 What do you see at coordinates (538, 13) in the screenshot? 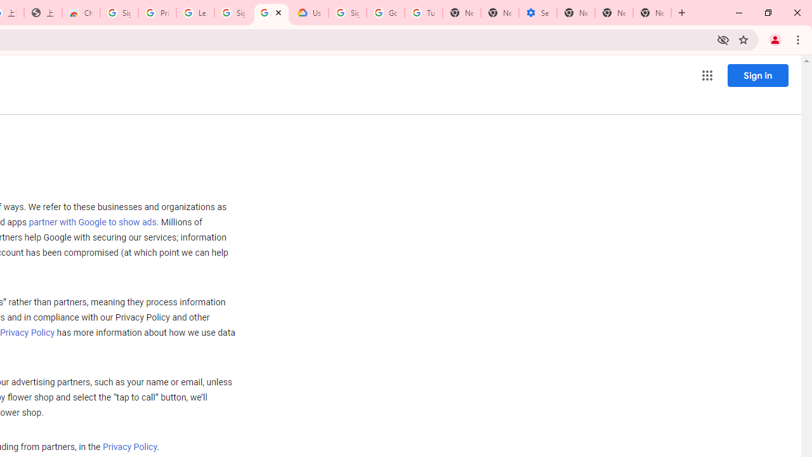
I see `'Settings - Addresses and more'` at bounding box center [538, 13].